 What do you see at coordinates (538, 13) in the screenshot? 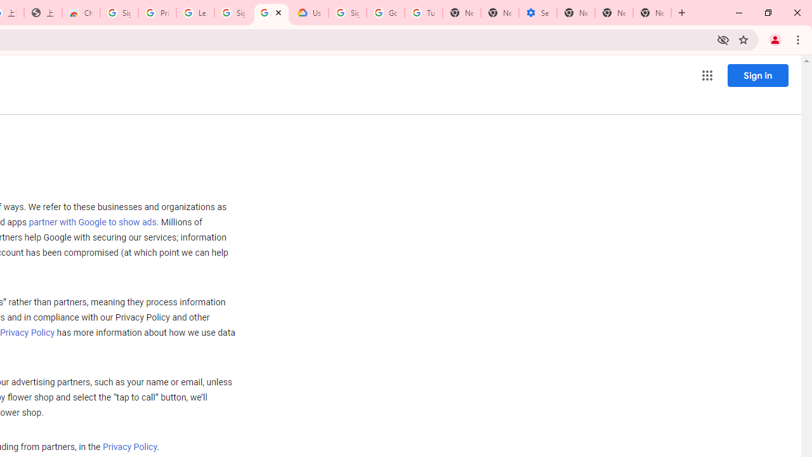
I see `'Settings - Addresses and more'` at bounding box center [538, 13].